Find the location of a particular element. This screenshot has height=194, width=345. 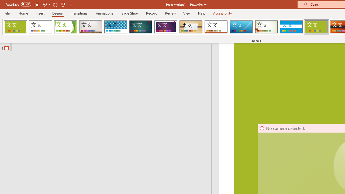

'Organic' is located at coordinates (191, 27).